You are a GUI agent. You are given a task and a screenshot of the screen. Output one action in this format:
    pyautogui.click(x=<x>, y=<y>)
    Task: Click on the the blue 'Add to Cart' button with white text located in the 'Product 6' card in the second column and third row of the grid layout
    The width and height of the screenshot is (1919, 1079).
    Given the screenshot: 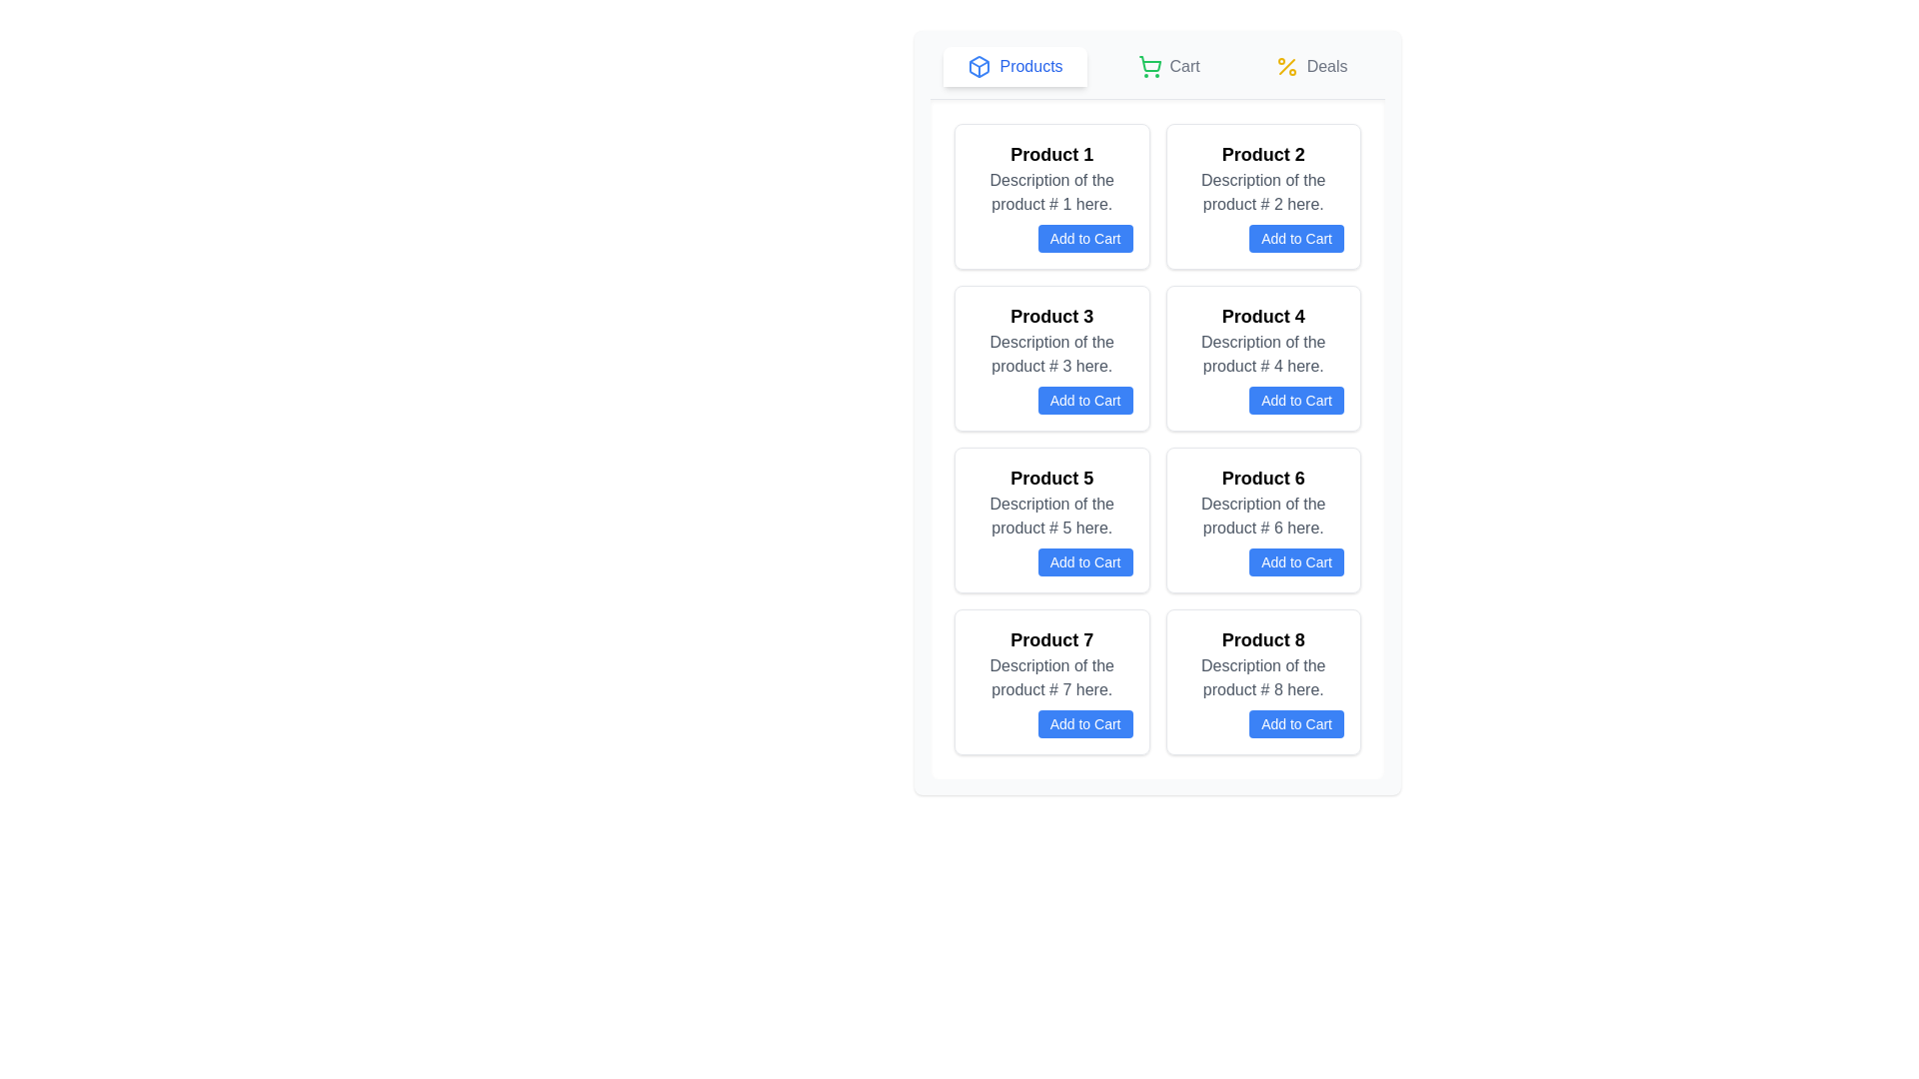 What is the action you would take?
    pyautogui.click(x=1296, y=562)
    